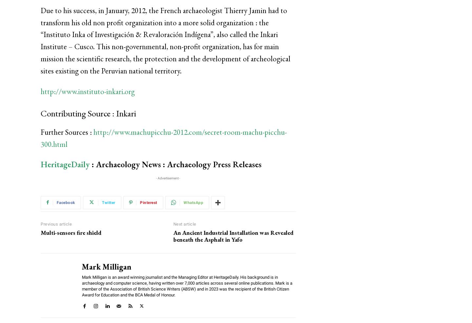 Image resolution: width=472 pixels, height=323 pixels. Describe the element at coordinates (67, 131) in the screenshot. I see `'Further Sources :'` at that location.